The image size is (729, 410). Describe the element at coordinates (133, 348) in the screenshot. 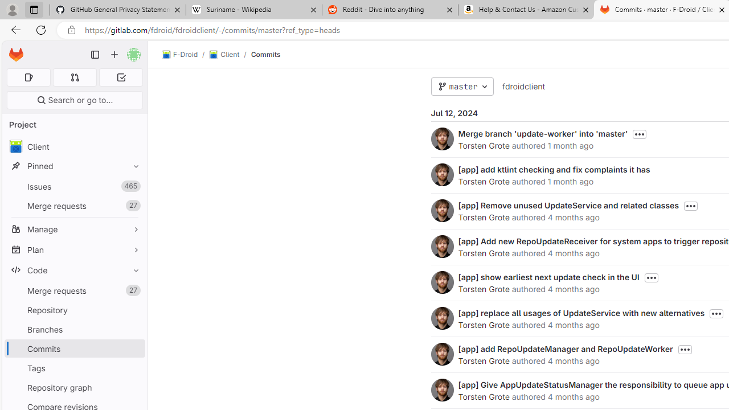

I see `'Pin Commits'` at that location.